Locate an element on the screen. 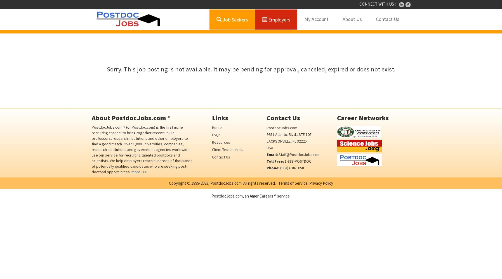 The height and width of the screenshot is (279, 502). '(904) 638-1058' is located at coordinates (291, 168).